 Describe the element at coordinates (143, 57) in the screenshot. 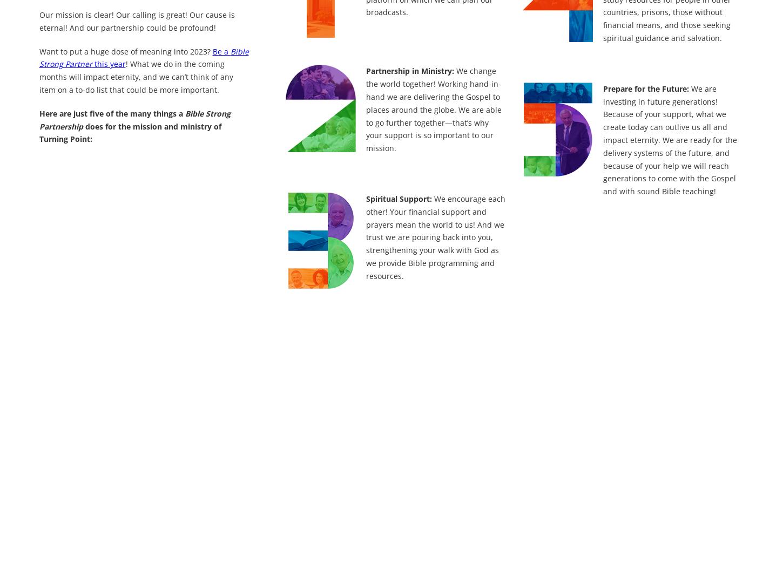

I see `'Bible Strong Partner'` at that location.